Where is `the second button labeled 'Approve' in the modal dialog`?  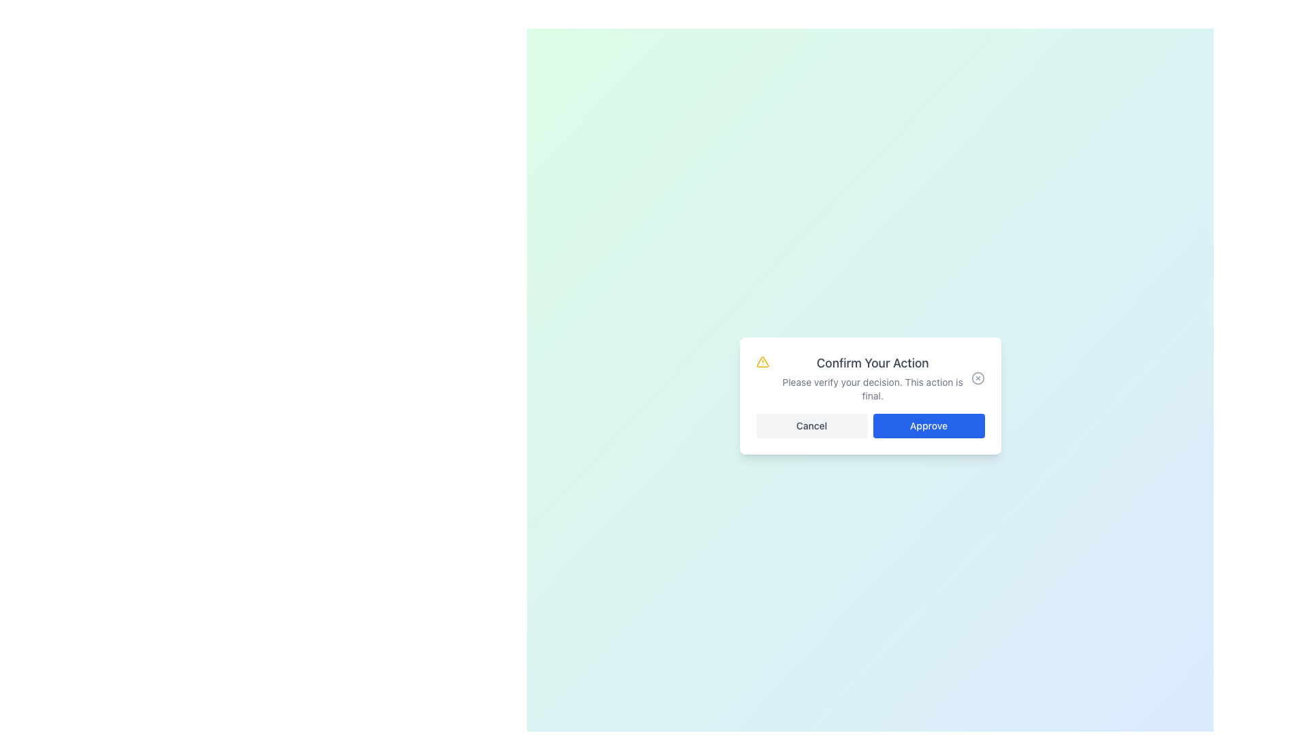 the second button labeled 'Approve' in the modal dialog is located at coordinates (928, 425).